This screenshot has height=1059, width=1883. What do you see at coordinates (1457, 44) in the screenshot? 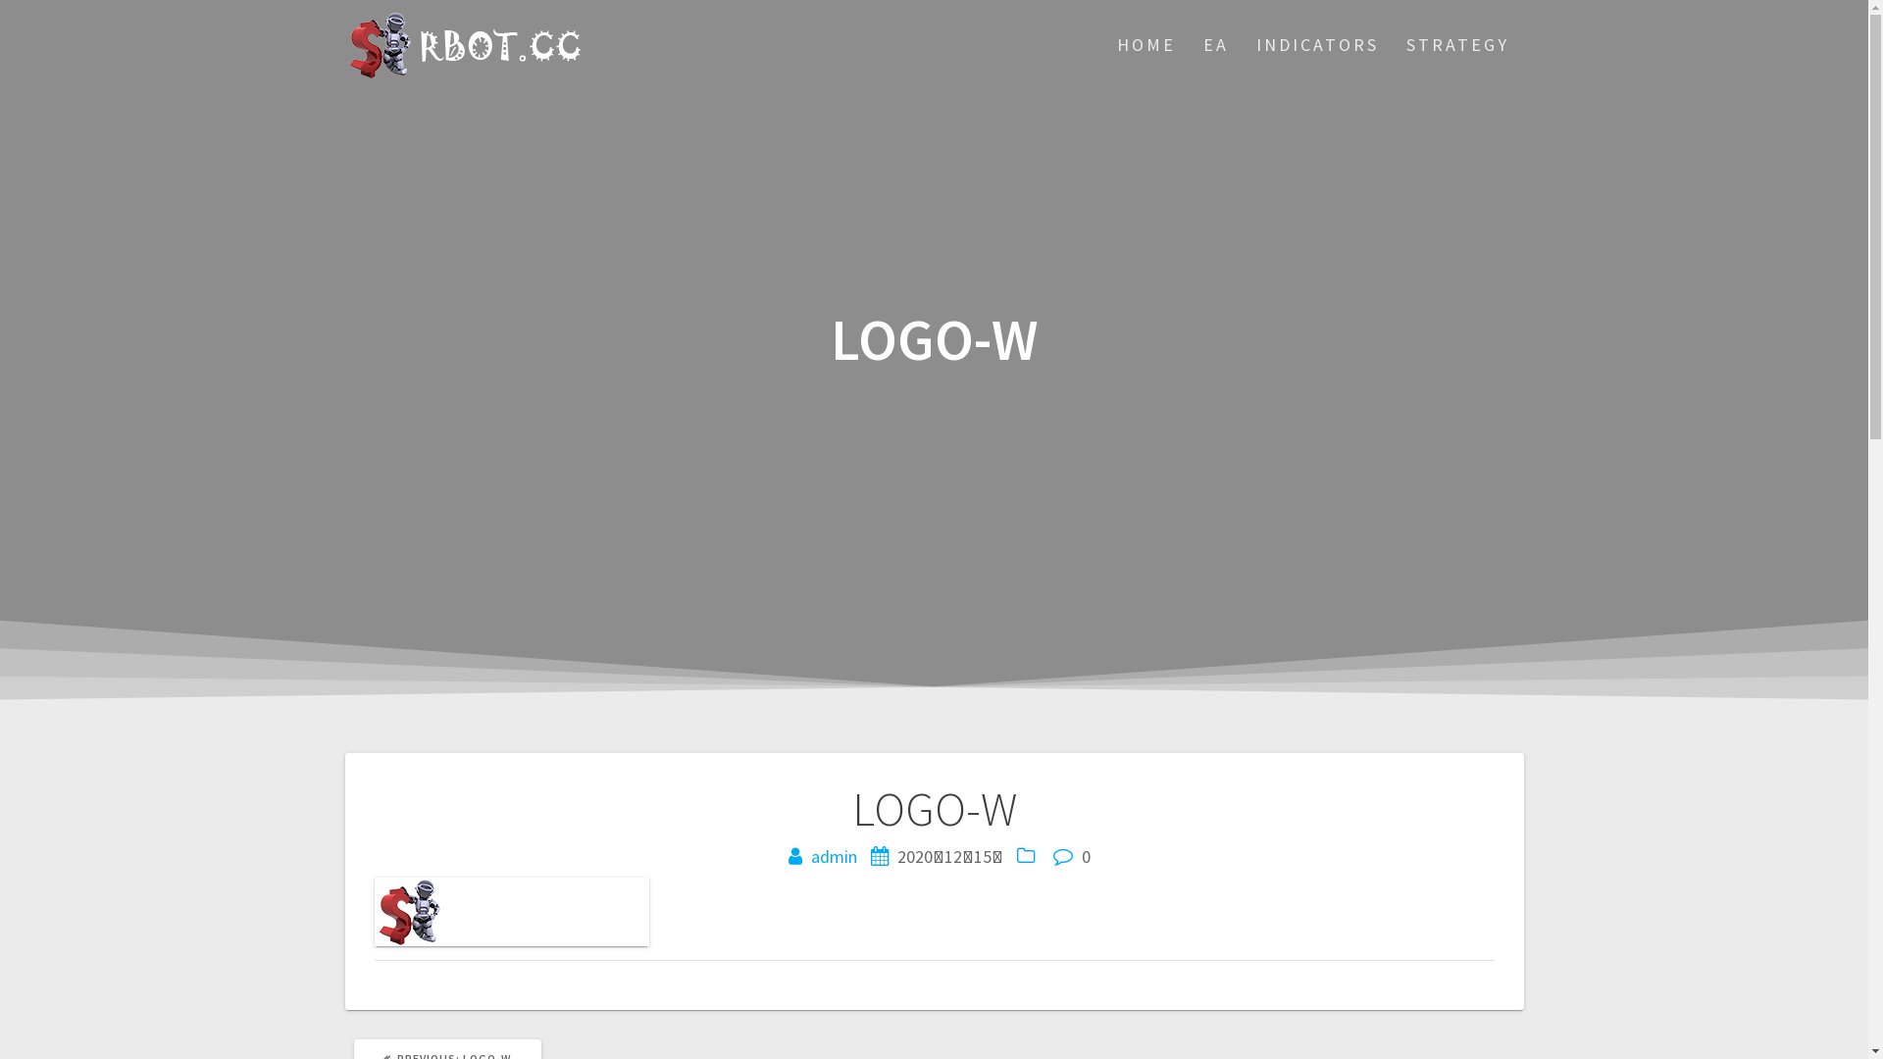
I see `'STRATEGY'` at bounding box center [1457, 44].